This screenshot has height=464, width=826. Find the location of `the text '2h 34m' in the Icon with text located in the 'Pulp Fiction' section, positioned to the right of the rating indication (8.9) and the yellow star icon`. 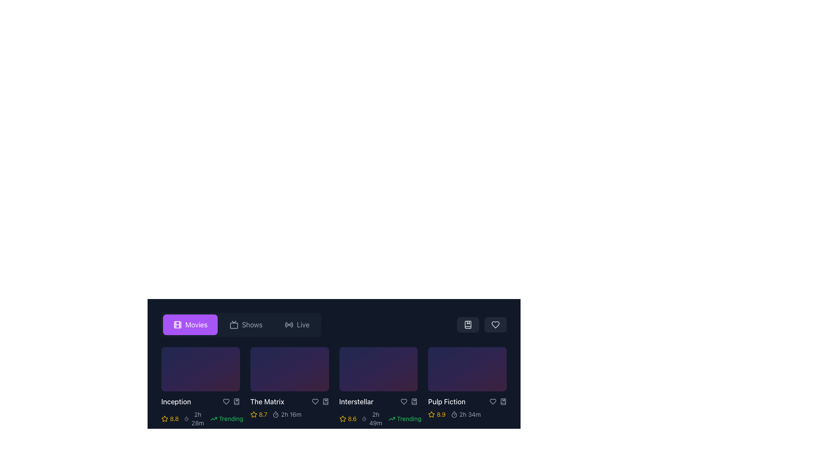

the text '2h 34m' in the Icon with text located in the 'Pulp Fiction' section, positioned to the right of the rating indication (8.9) and the yellow star icon is located at coordinates (465, 414).